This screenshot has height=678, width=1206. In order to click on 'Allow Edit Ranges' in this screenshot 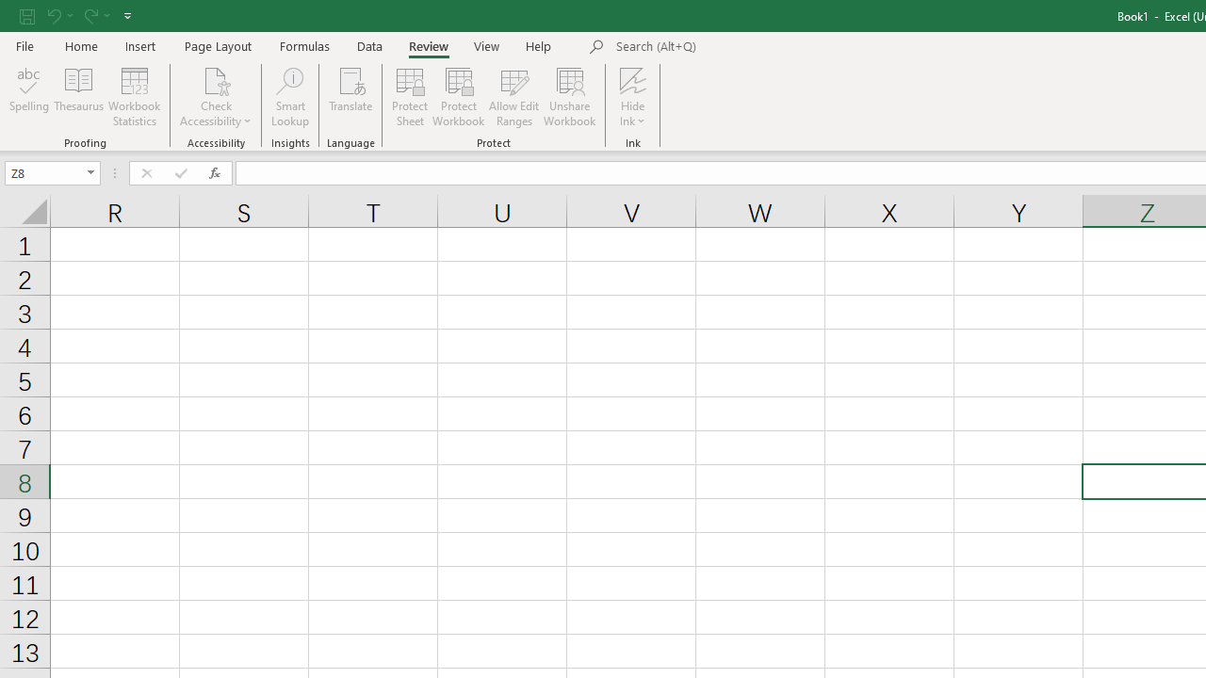, I will do `click(513, 97)`.